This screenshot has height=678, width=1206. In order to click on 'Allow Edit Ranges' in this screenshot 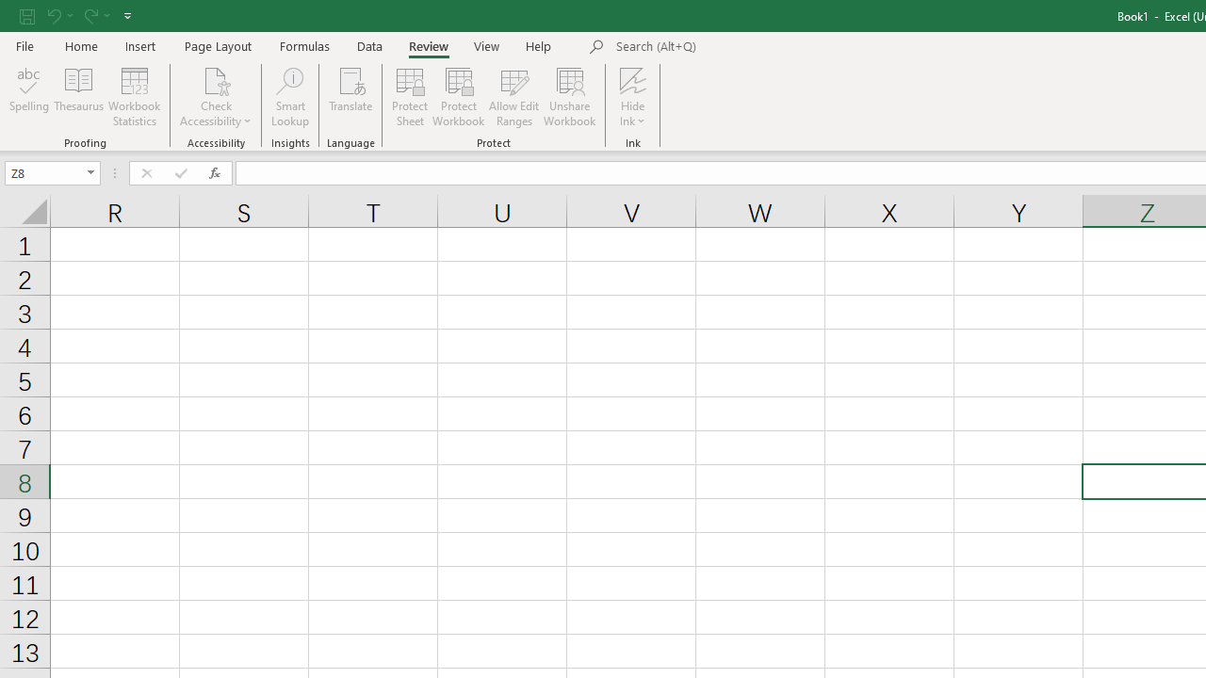, I will do `click(513, 97)`.